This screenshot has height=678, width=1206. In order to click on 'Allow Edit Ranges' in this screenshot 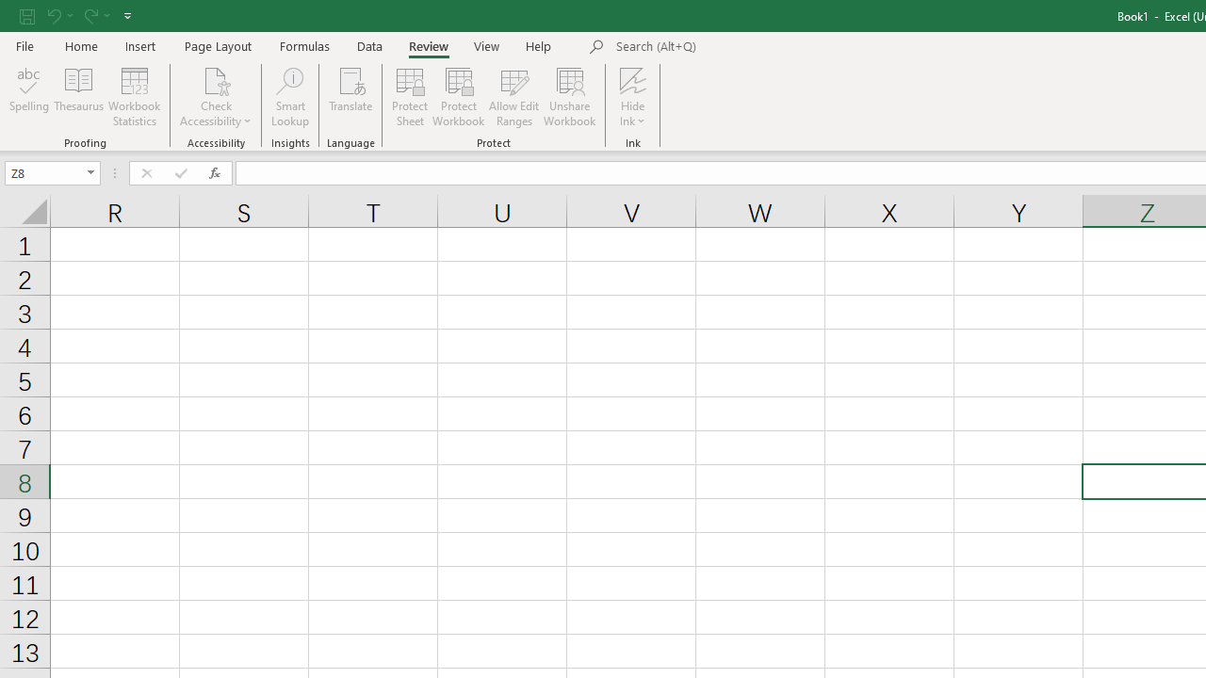, I will do `click(513, 97)`.